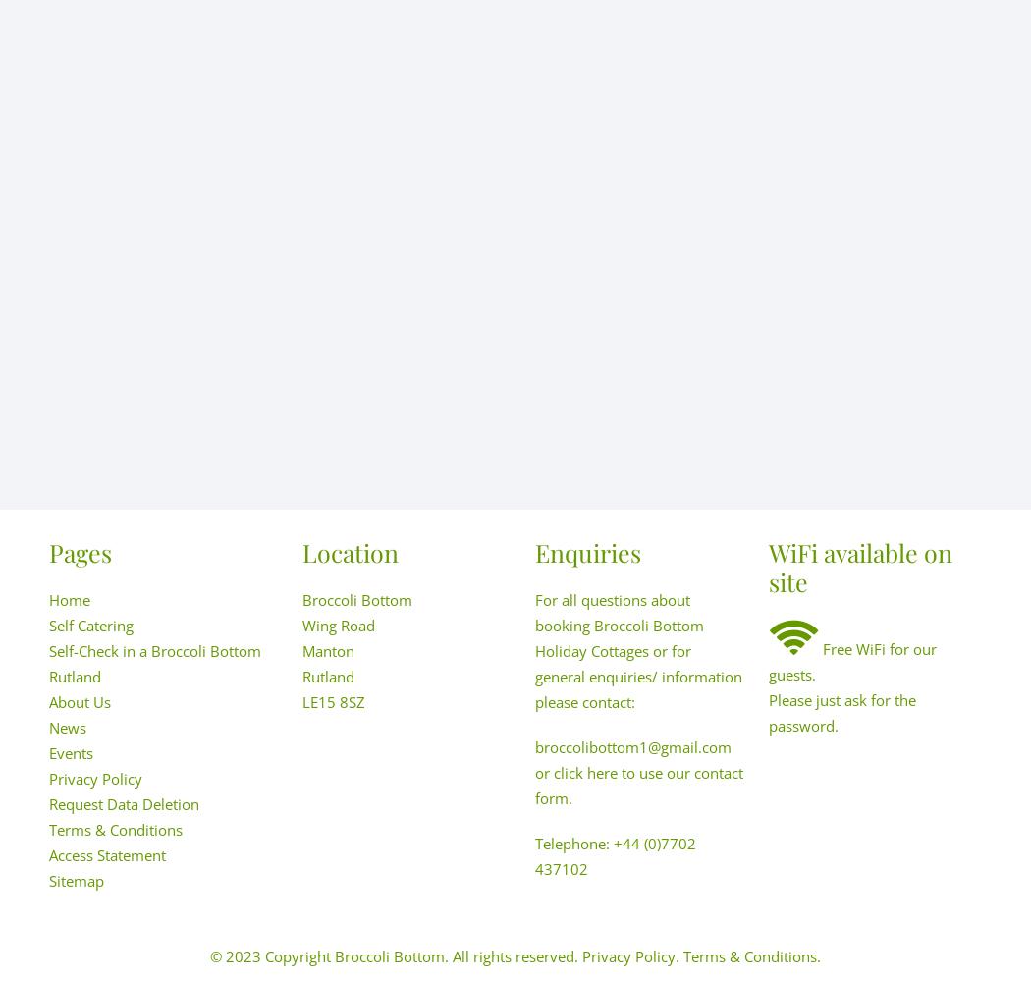 The height and width of the screenshot is (982, 1031). What do you see at coordinates (81, 552) in the screenshot?
I see `'Pages'` at bounding box center [81, 552].